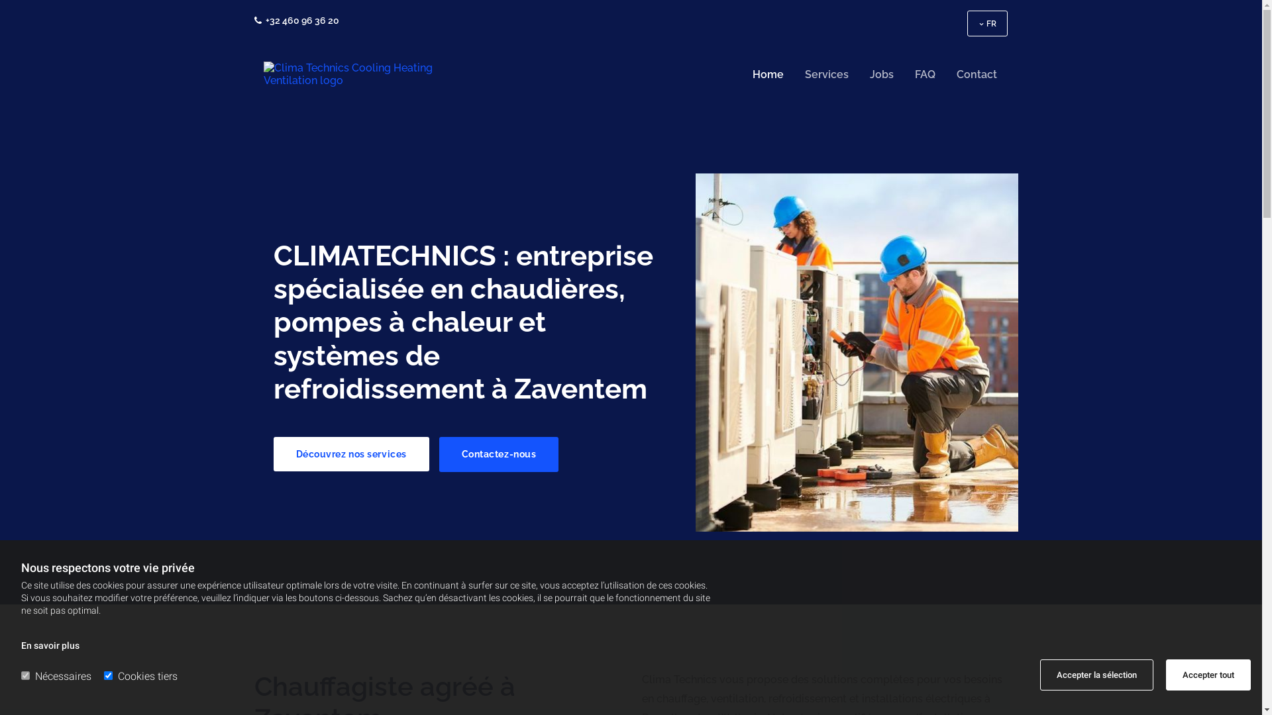  Describe the element at coordinates (881, 74) in the screenshot. I see `'Jobs'` at that location.